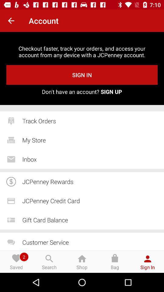 This screenshot has width=164, height=292. Describe the element at coordinates (11, 21) in the screenshot. I see `icon next to the account` at that location.